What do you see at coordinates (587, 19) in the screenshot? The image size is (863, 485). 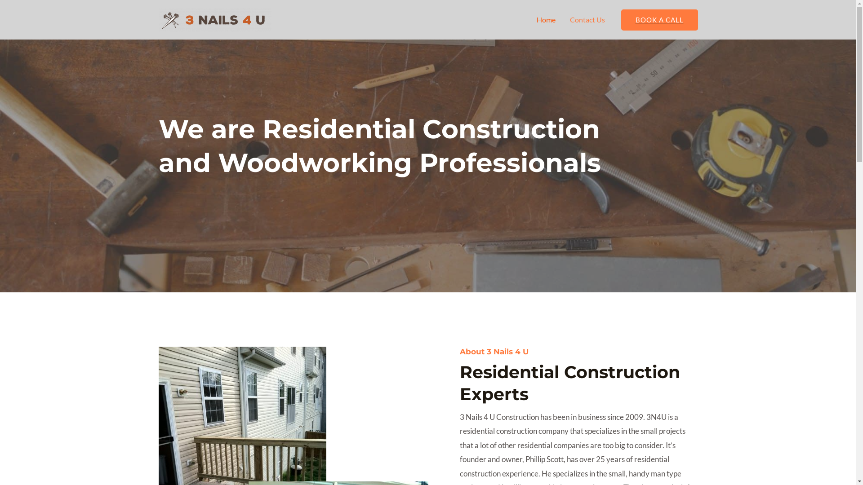 I see `'Contact Us'` at bounding box center [587, 19].